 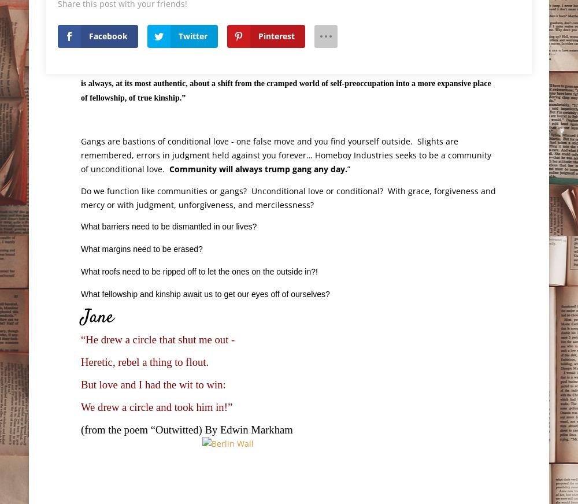 What do you see at coordinates (207, 293) in the screenshot?
I see `'What fellowship and kinship await us to get our eyes off of ourselves?'` at bounding box center [207, 293].